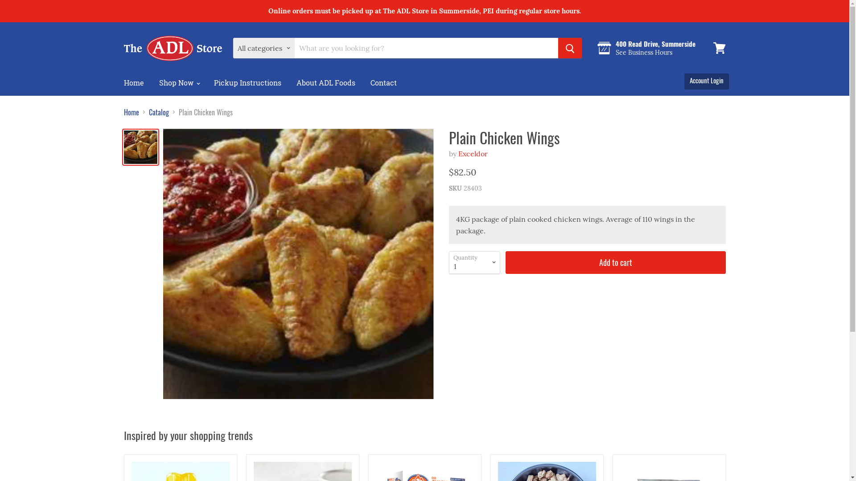 The width and height of the screenshot is (856, 481). I want to click on 'Exceldor', so click(472, 153).